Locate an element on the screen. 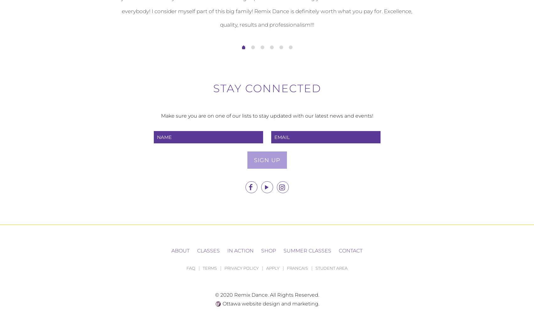  'Ottawa website design and marketing.' is located at coordinates (270, 303).